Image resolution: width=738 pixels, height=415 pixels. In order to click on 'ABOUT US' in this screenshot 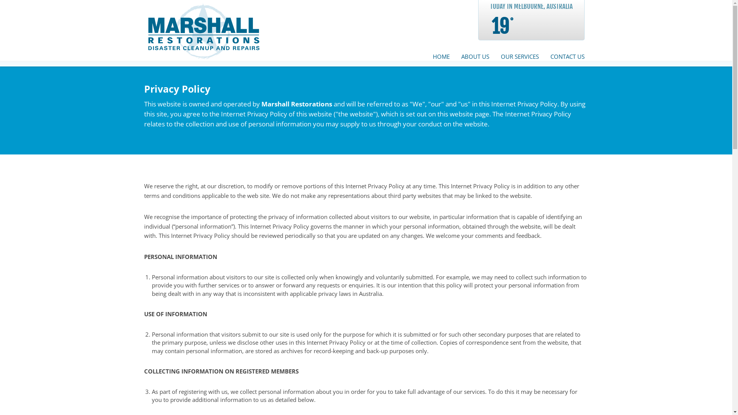, I will do `click(474, 56)`.